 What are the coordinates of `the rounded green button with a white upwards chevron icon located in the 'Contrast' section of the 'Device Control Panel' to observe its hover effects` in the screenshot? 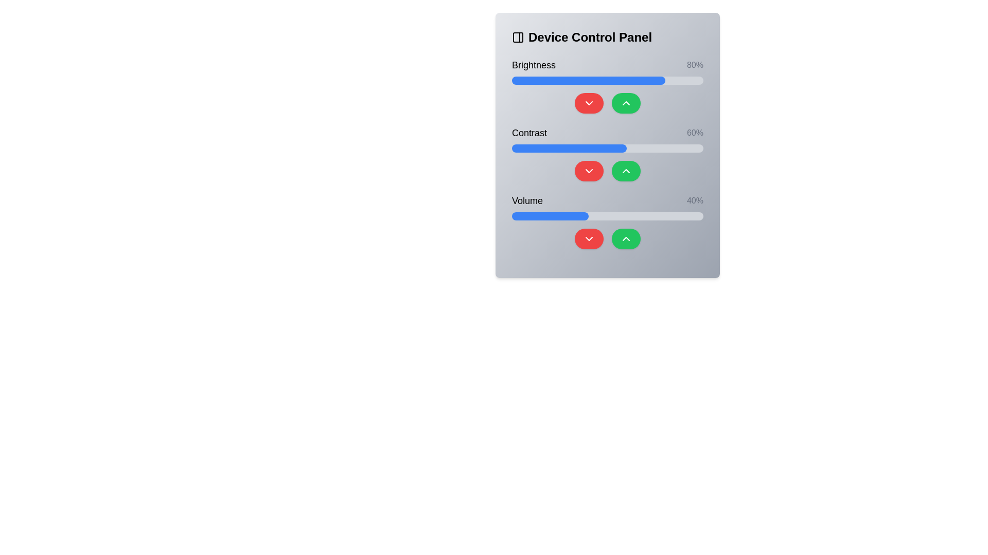 It's located at (626, 170).